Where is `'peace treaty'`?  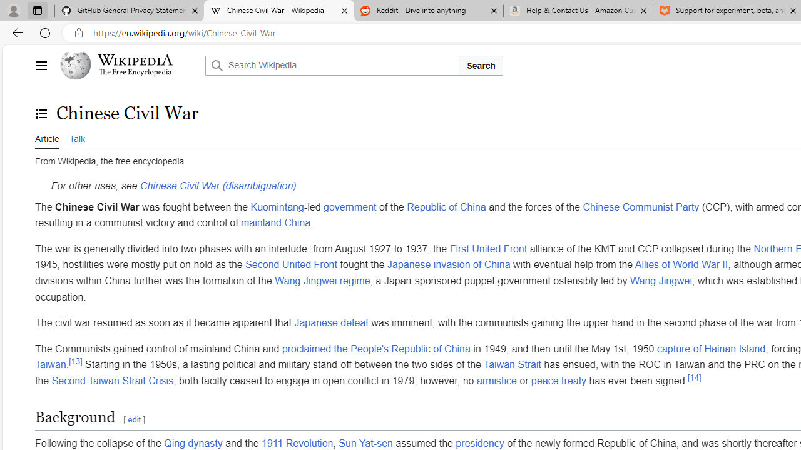 'peace treaty' is located at coordinates (558, 379).